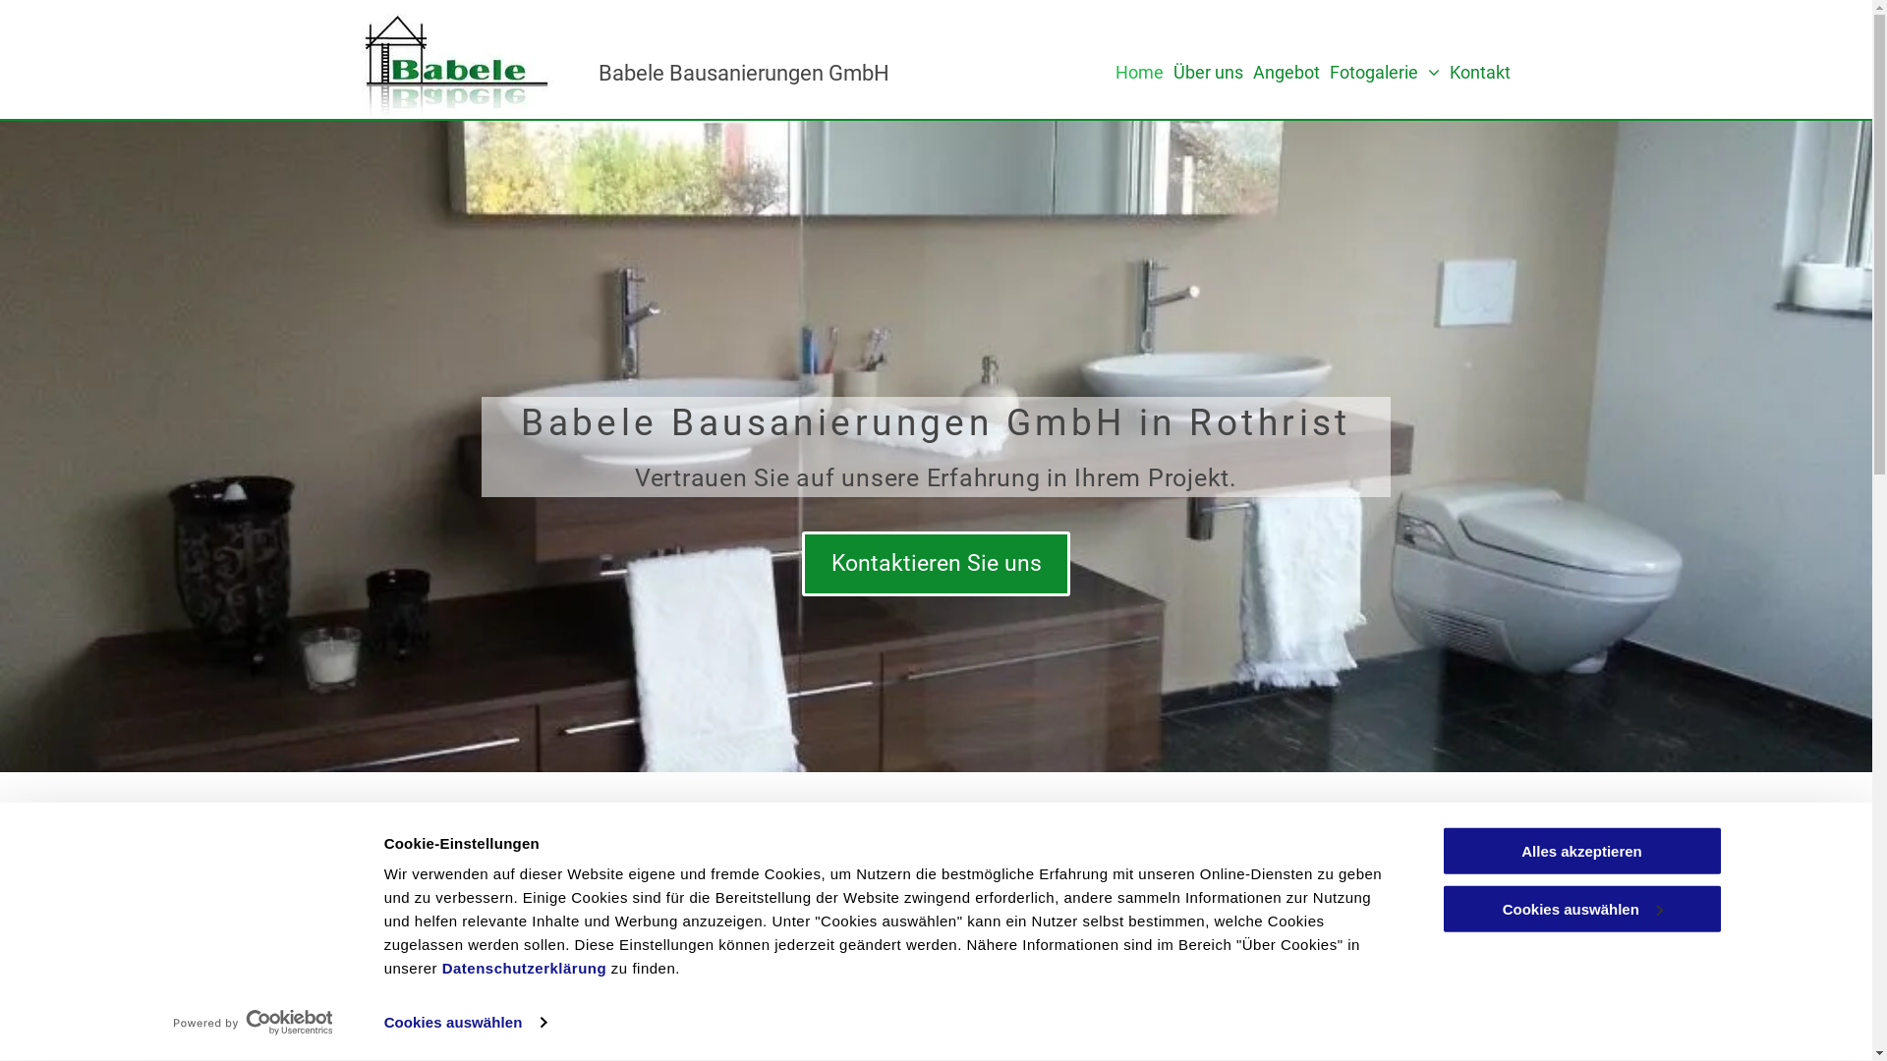 Image resolution: width=1887 pixels, height=1061 pixels. Describe the element at coordinates (1449, 71) in the screenshot. I see `'Kontakt'` at that location.